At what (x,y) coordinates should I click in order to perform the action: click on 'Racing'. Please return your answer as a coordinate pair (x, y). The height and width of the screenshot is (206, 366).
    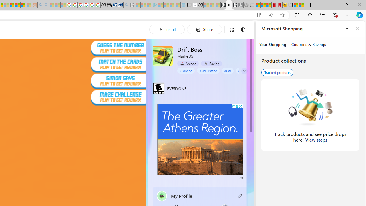
    Looking at the image, I should click on (211, 64).